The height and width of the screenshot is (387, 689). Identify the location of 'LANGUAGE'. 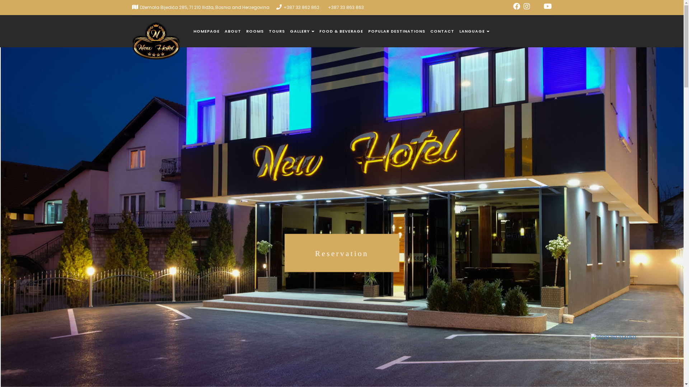
(474, 31).